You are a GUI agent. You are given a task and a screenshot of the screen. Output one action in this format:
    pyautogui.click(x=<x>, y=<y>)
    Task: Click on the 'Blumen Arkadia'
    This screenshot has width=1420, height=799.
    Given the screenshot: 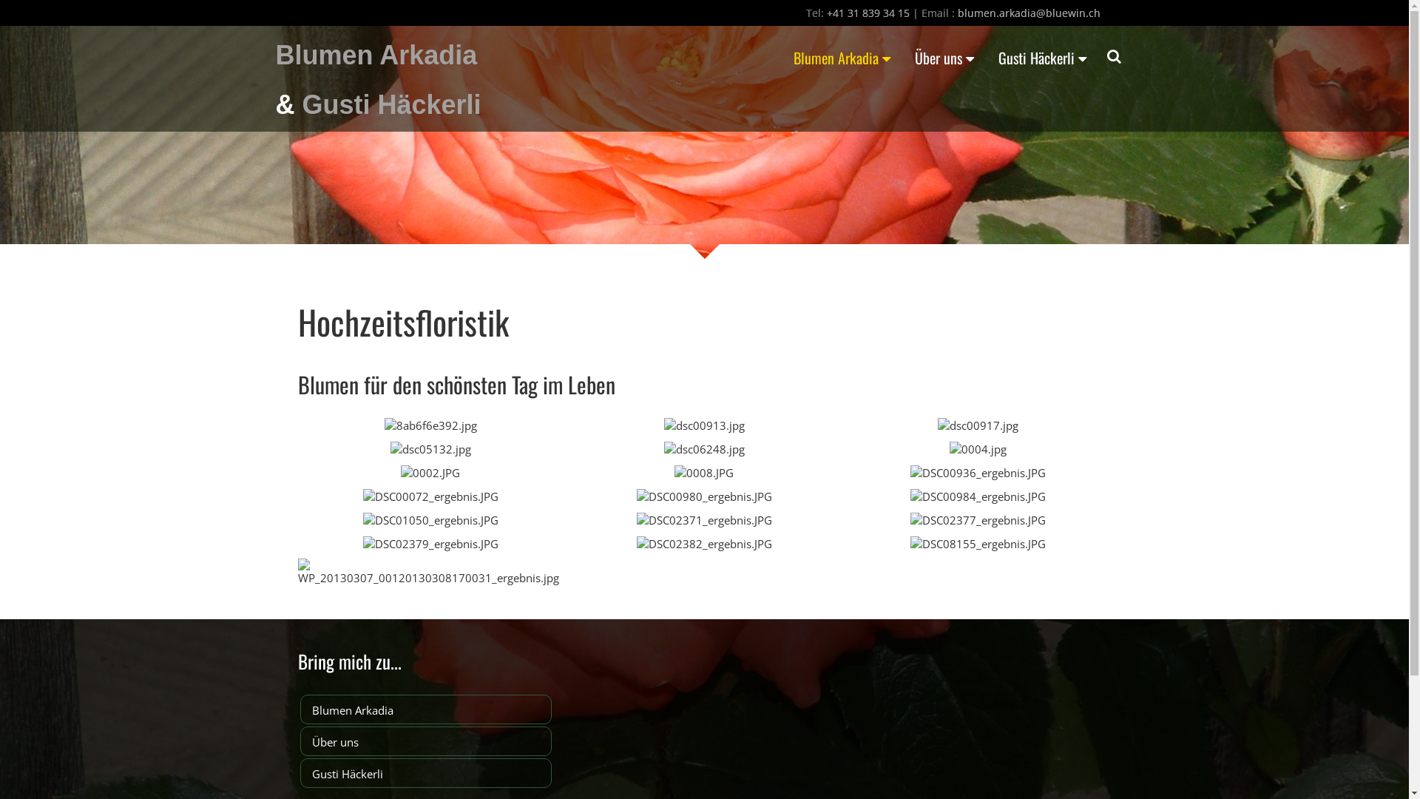 What is the action you would take?
    pyautogui.click(x=275, y=54)
    